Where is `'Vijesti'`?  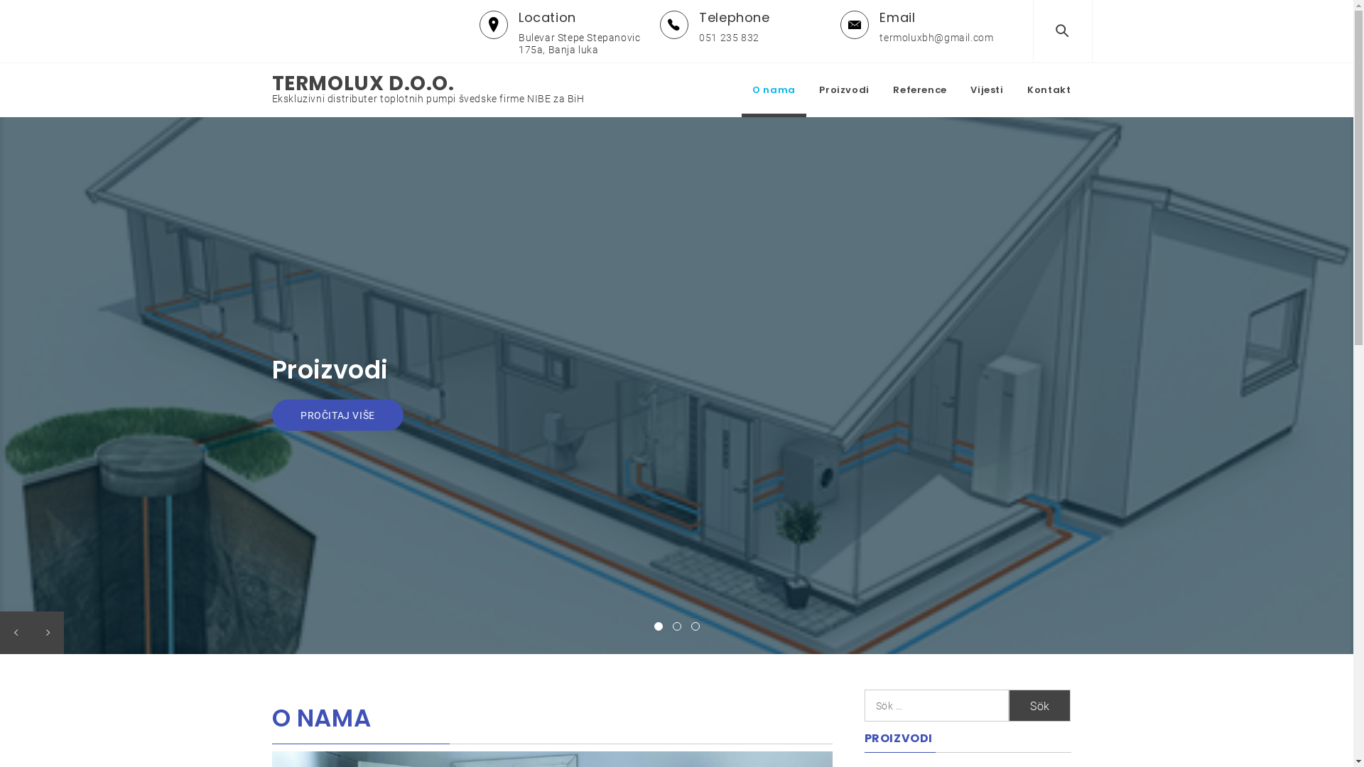 'Vijesti' is located at coordinates (985, 90).